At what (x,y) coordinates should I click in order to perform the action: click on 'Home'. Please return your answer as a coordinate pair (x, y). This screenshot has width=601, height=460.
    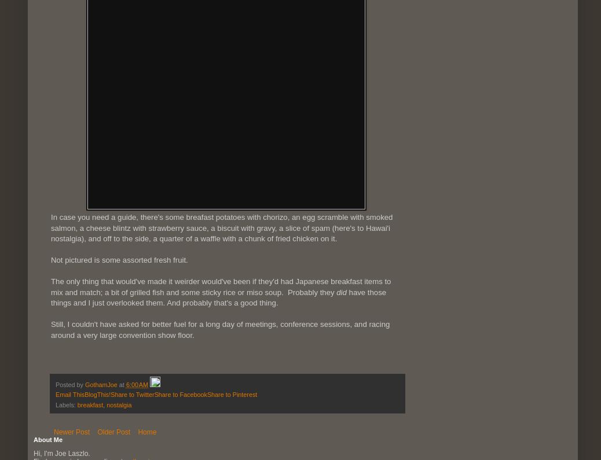
    Looking at the image, I should click on (146, 431).